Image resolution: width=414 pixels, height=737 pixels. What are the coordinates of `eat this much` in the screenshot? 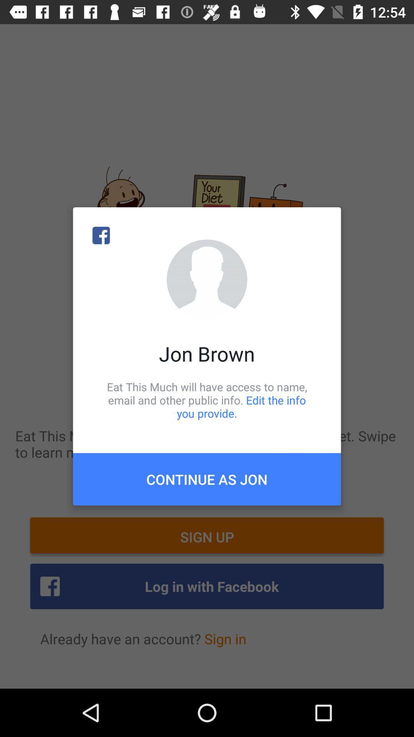 It's located at (207, 400).